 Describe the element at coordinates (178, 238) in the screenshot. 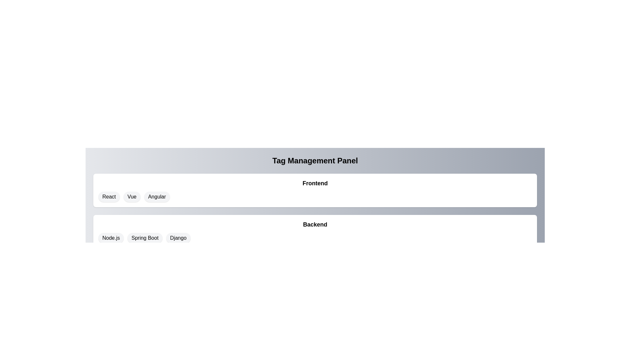

I see `the 'Django' category button, which is the third tag under the 'Backend' section` at that location.